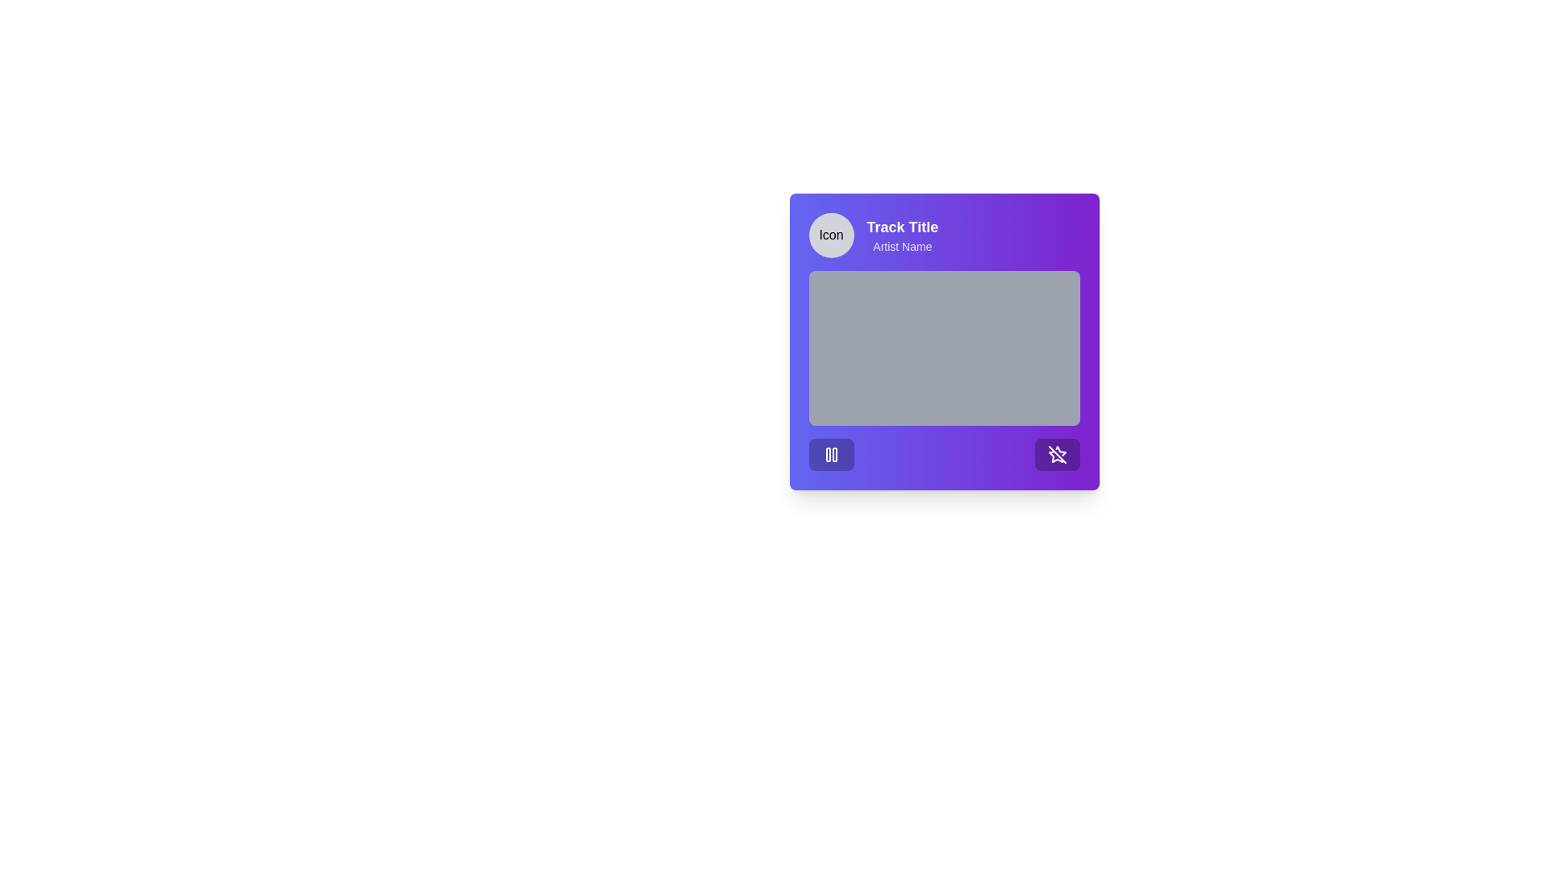 The width and height of the screenshot is (1549, 871). Describe the element at coordinates (831, 454) in the screenshot. I see `the pause icon button with a purple background located at the bottom-left corner of the card interface` at that location.